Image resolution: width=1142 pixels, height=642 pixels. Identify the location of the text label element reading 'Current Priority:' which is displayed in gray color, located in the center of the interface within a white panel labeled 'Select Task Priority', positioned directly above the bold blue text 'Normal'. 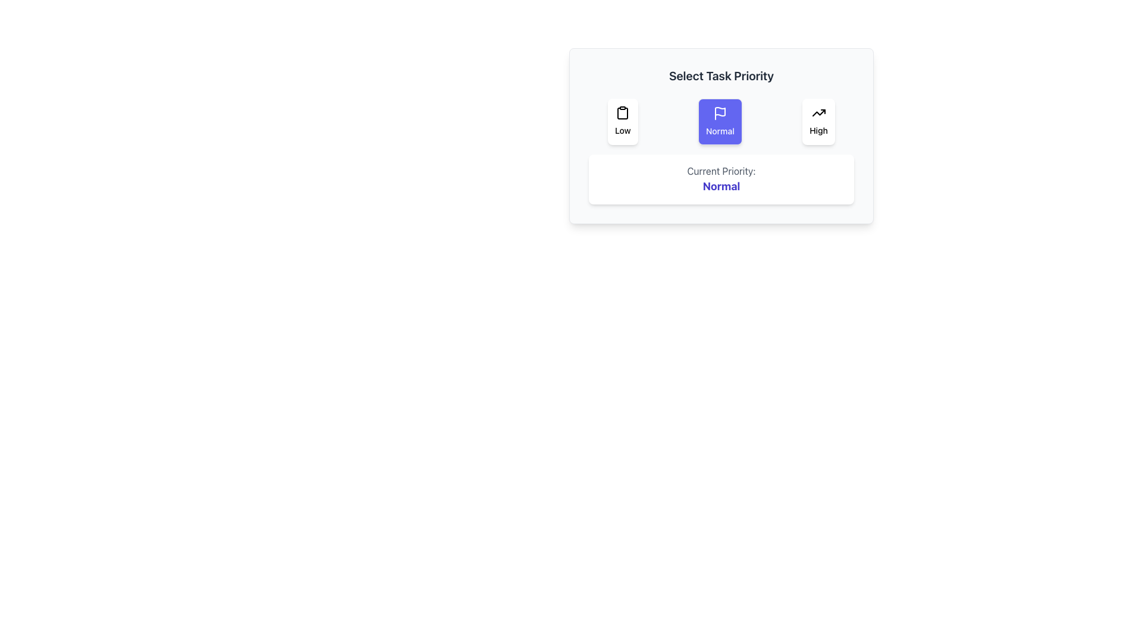
(721, 171).